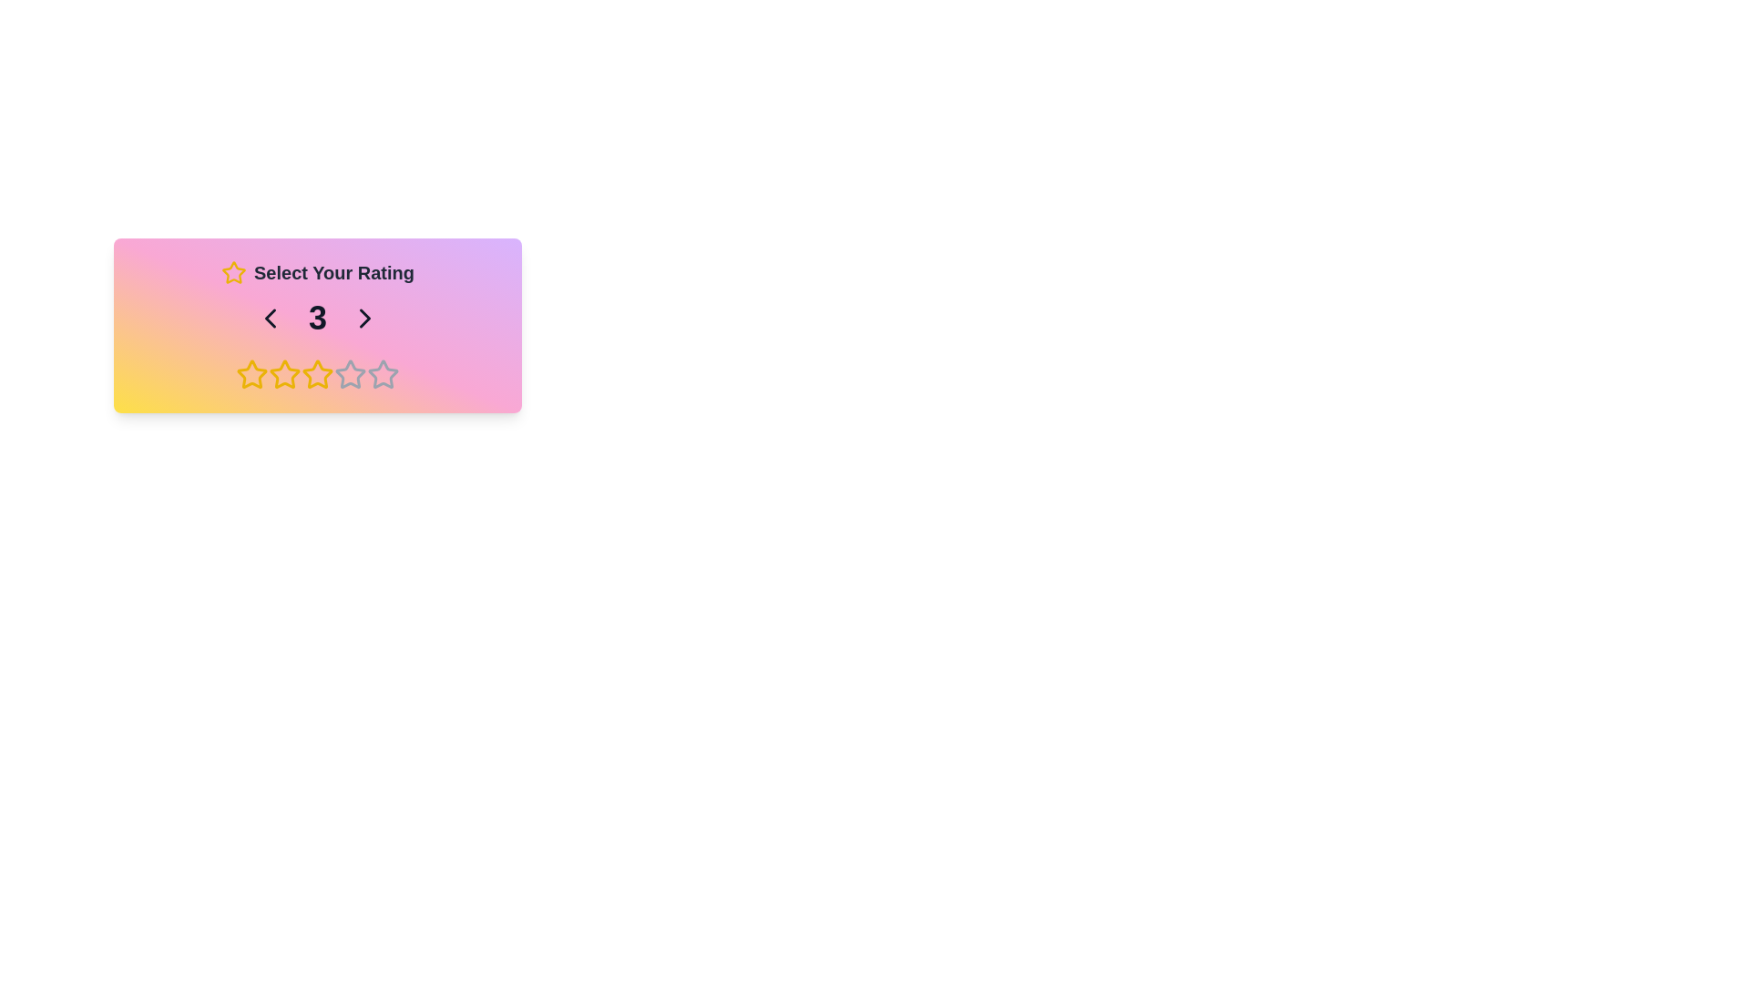  Describe the element at coordinates (383, 374) in the screenshot. I see `the fifth gray outlined star icon in the rating system` at that location.